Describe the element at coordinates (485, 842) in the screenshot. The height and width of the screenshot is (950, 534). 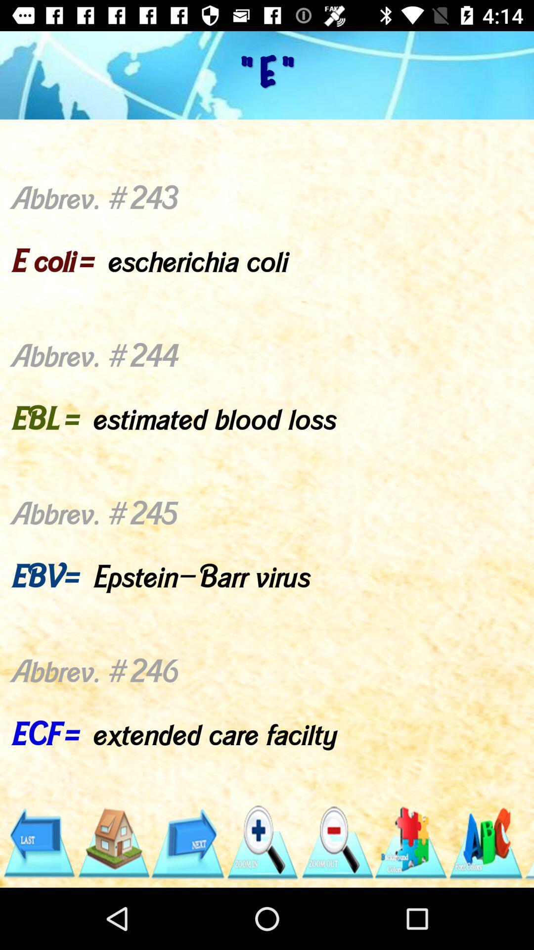
I see `icon below abbrev 	243	 	e icon` at that location.